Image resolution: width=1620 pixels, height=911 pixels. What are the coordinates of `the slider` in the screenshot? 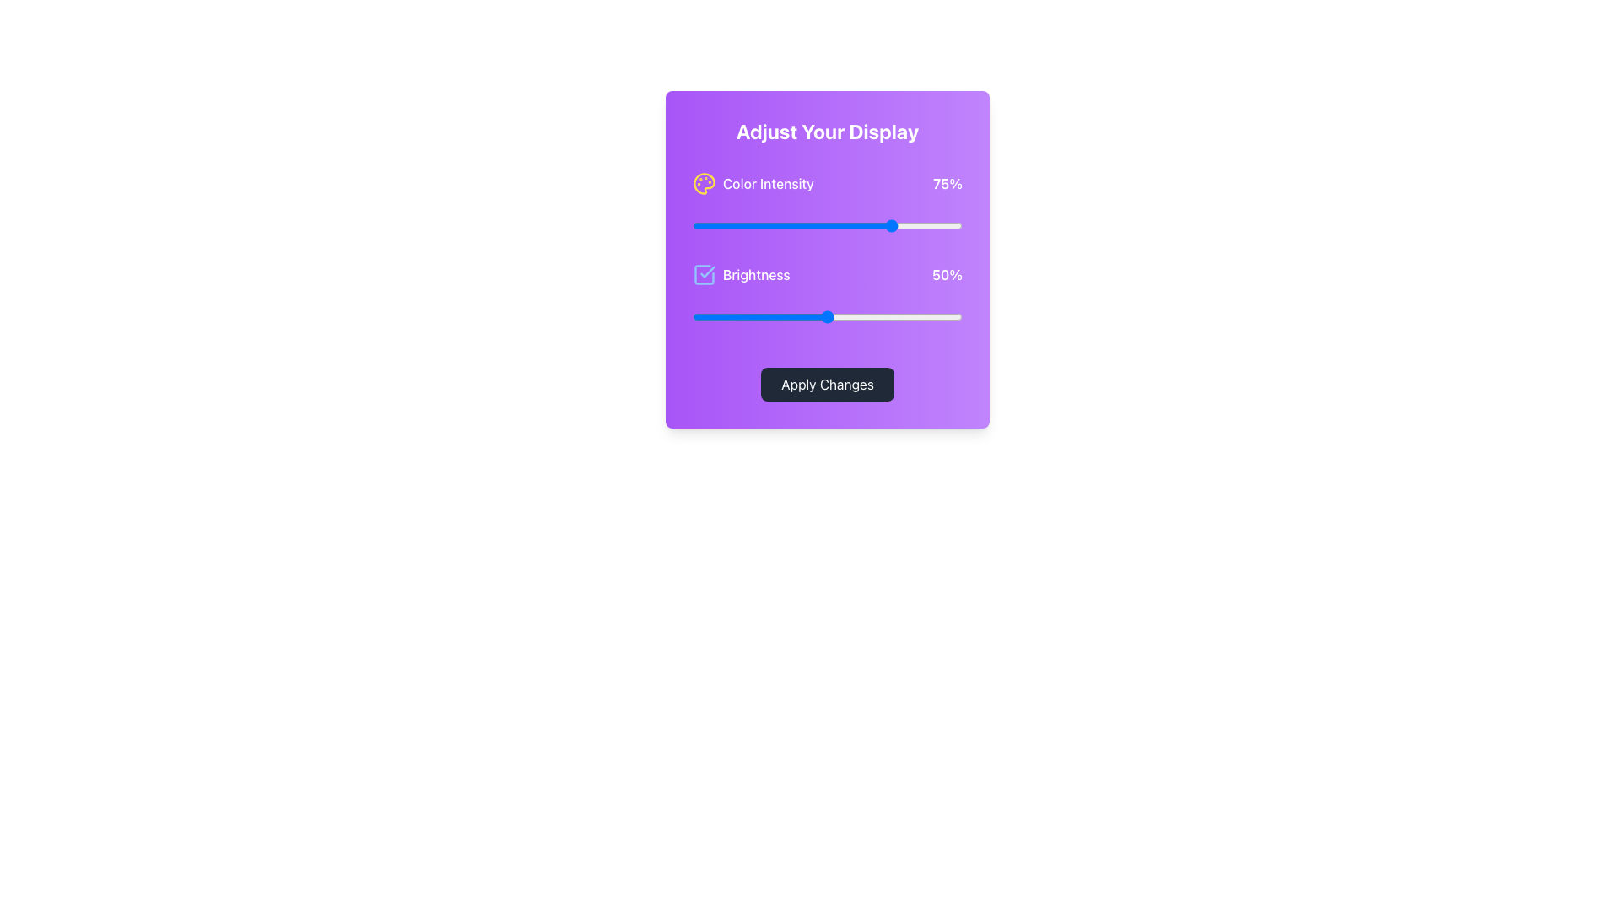 It's located at (789, 224).